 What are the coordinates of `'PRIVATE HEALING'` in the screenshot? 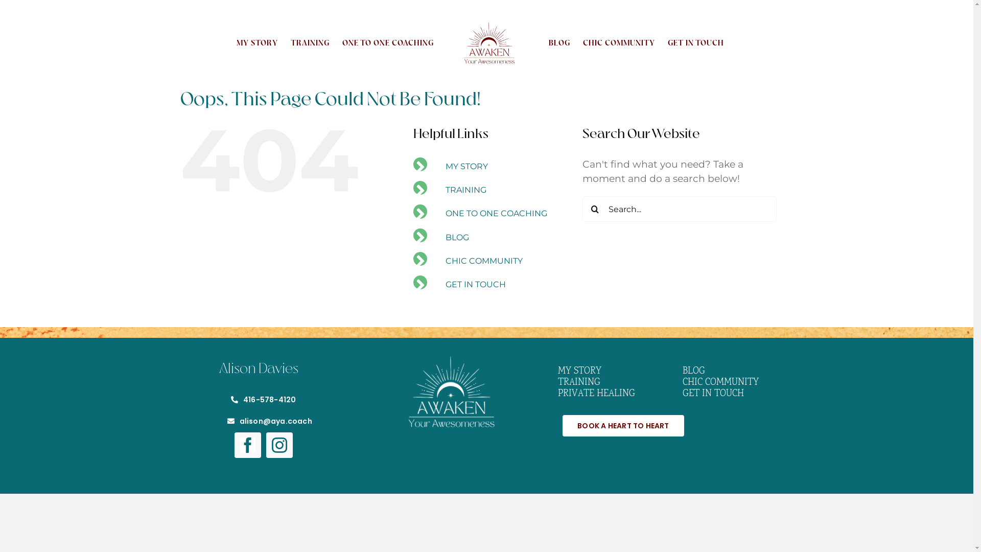 It's located at (617, 394).